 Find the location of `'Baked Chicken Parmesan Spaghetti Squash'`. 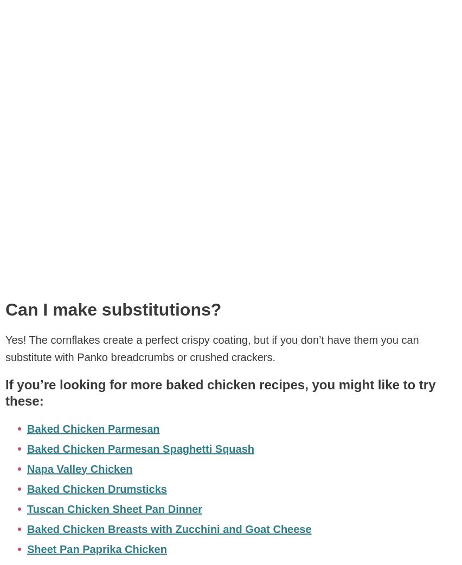

'Baked Chicken Parmesan Spaghetti Squash' is located at coordinates (27, 448).